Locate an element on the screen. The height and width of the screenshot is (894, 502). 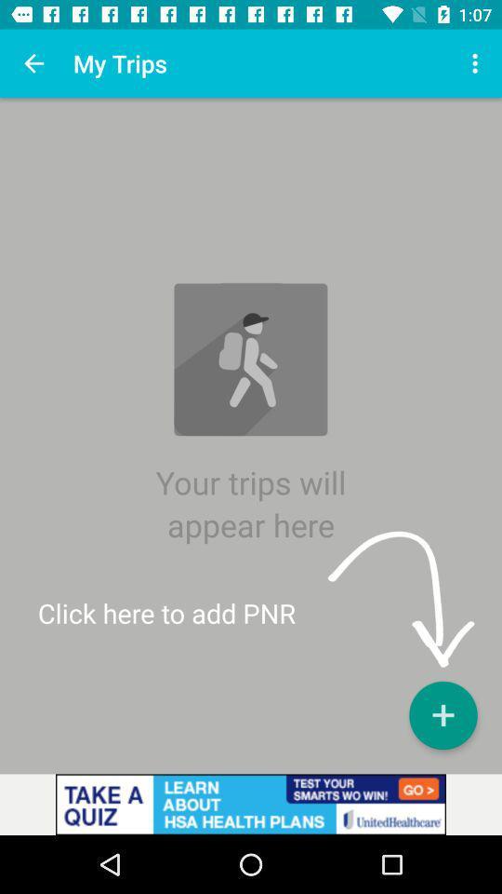
option is located at coordinates (442, 714).